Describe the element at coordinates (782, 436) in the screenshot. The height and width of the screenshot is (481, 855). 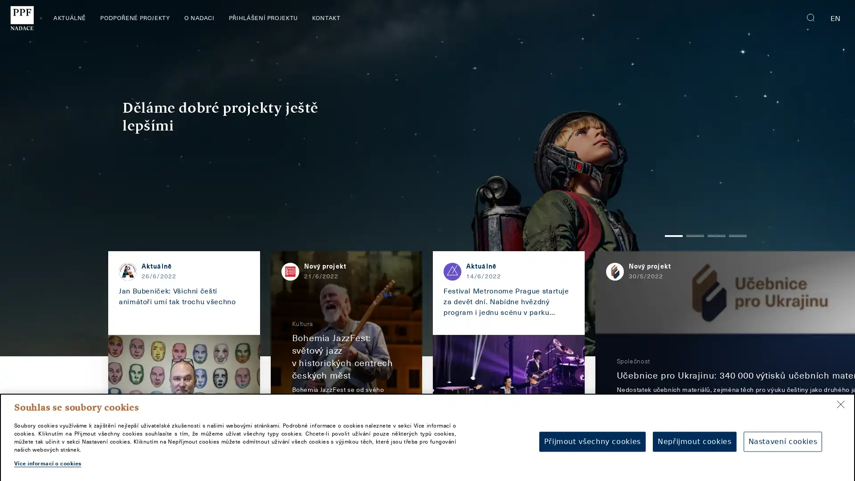
I see `Nastaveni cookies` at that location.